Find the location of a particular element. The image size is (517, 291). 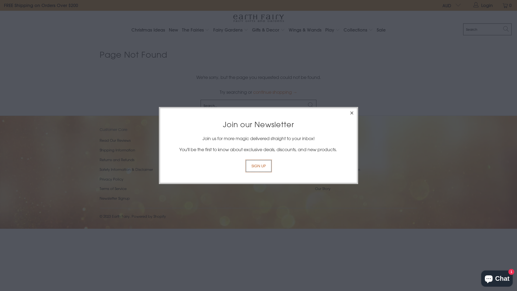

'Newsletter Signup' is located at coordinates (114, 198).